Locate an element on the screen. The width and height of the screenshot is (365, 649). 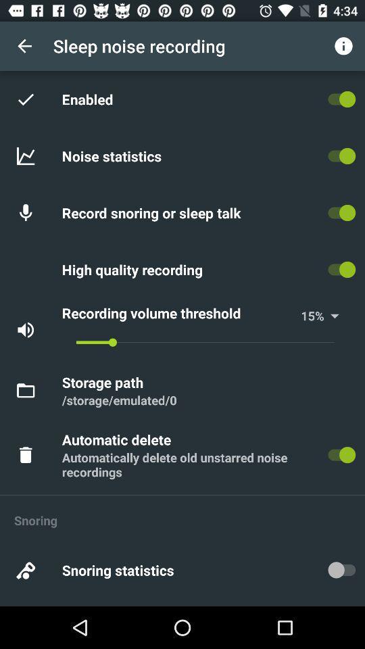
the item below the high quality recording item is located at coordinates (179, 313).